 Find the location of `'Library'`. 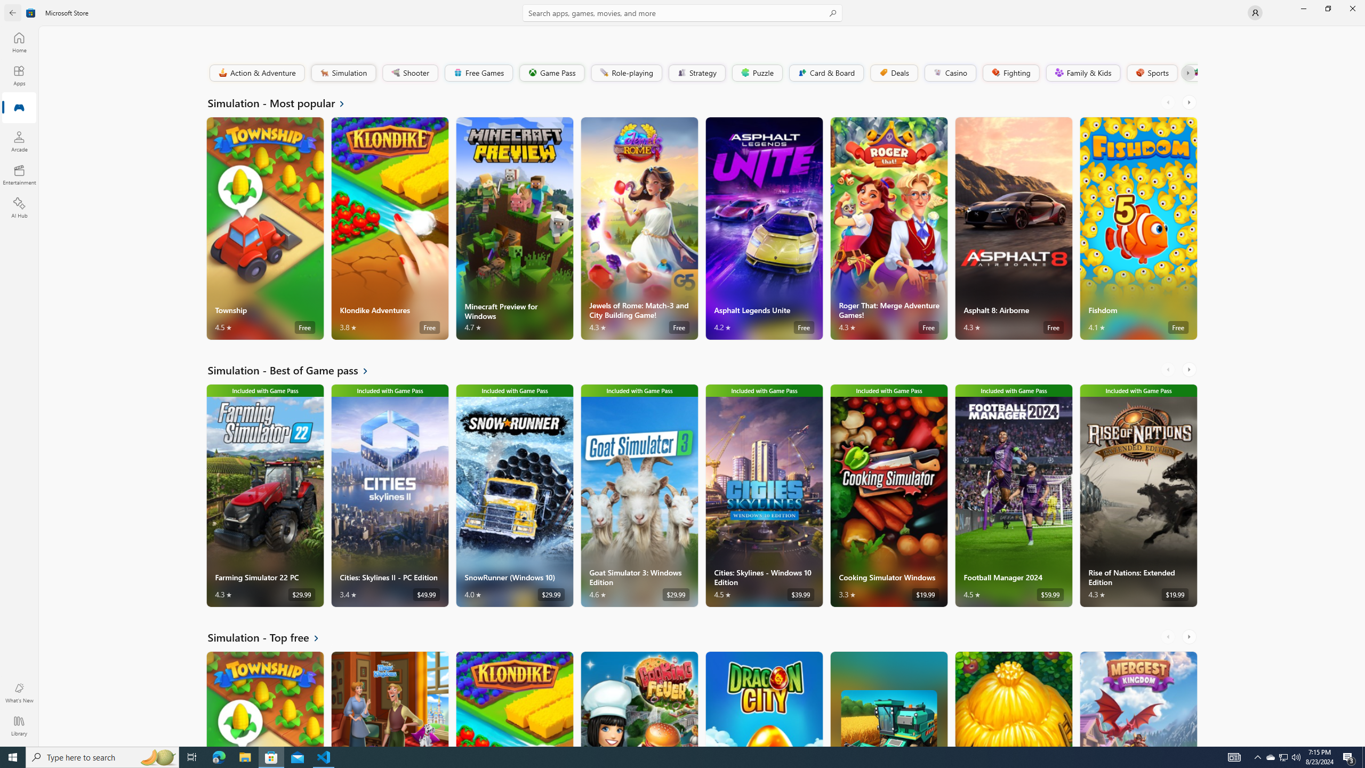

'Library' is located at coordinates (18, 725).